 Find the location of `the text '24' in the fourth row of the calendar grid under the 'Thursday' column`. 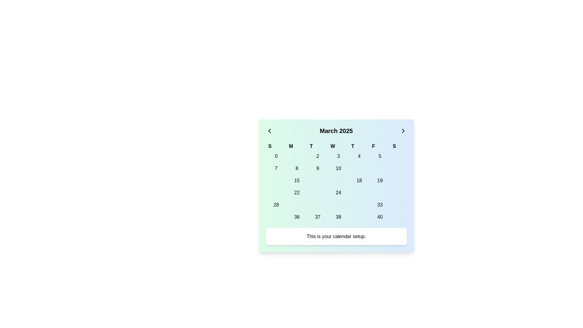

the text '24' in the fourth row of the calendar grid under the 'Thursday' column is located at coordinates (336, 193).